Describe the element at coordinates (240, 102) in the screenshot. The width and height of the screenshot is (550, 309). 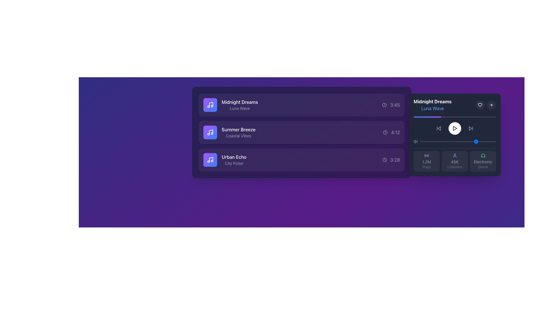
I see `the static text element displaying 'Midnight Dreams' in bold, white font, located at the top of the first list item in a vertically aligned list` at that location.